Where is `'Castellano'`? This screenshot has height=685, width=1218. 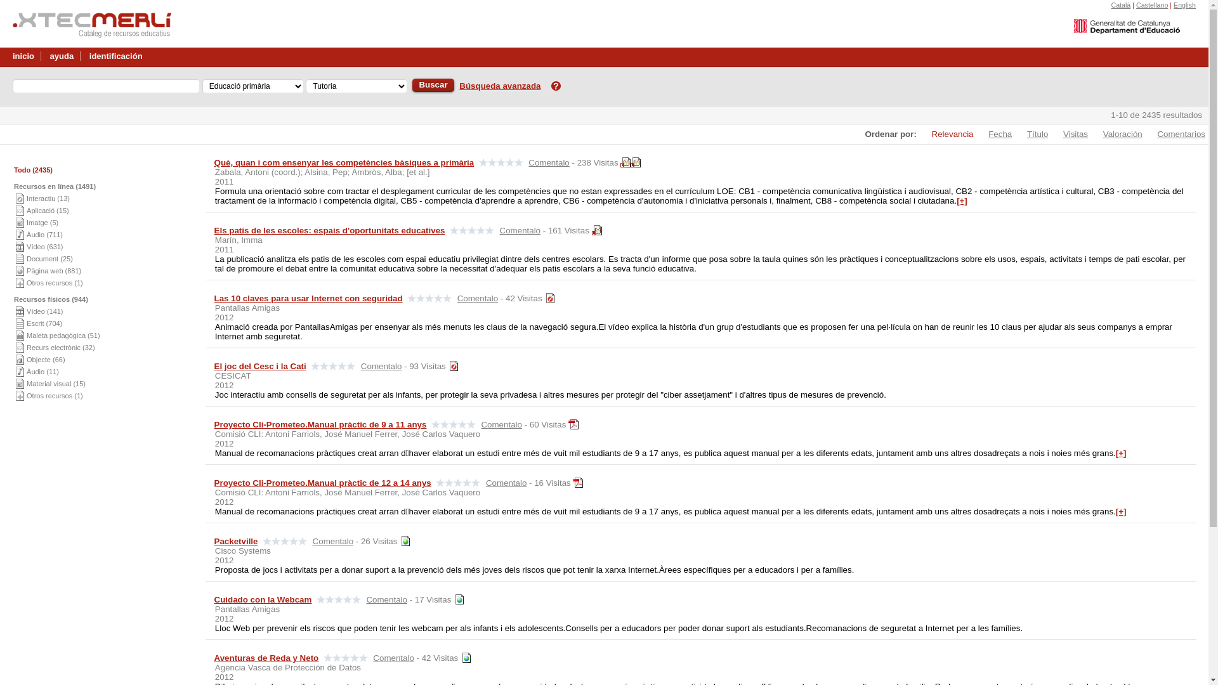 'Castellano' is located at coordinates (1151, 4).